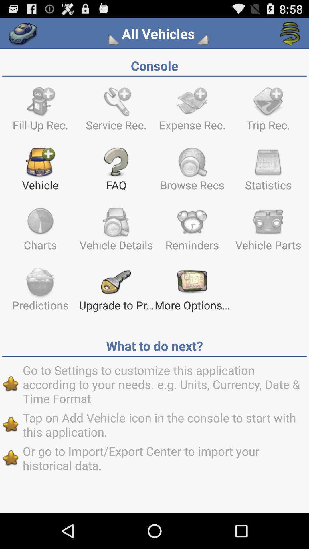 The height and width of the screenshot is (549, 309). What do you see at coordinates (22, 33) in the screenshot?
I see `click the the blue car` at bounding box center [22, 33].